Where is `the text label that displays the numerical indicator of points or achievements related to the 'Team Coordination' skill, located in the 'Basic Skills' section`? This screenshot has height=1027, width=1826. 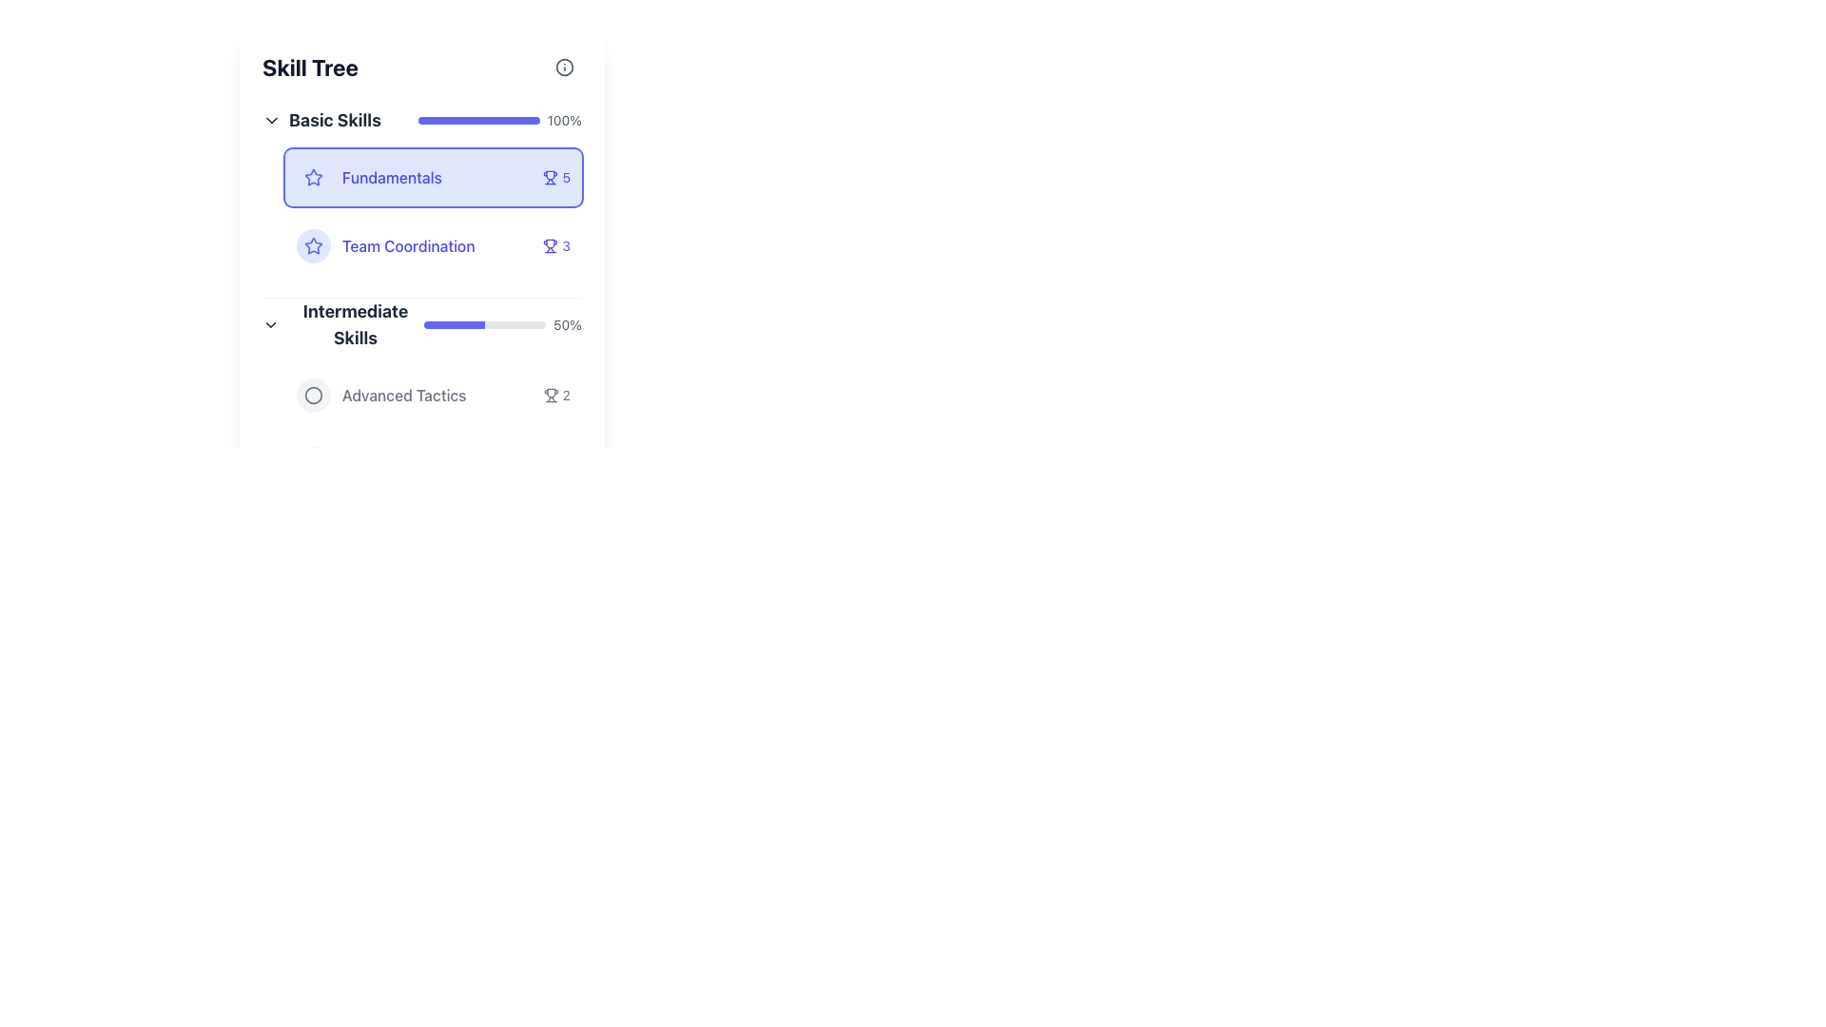
the text label that displays the numerical indicator of points or achievements related to the 'Team Coordination' skill, located in the 'Basic Skills' section is located at coordinates (565, 244).